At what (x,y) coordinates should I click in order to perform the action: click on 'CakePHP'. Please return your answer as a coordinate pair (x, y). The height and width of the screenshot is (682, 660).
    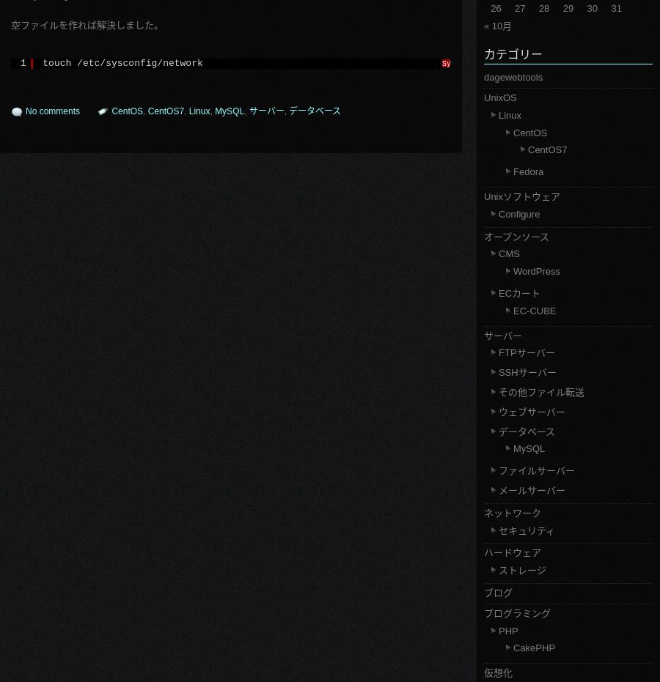
    Looking at the image, I should click on (533, 648).